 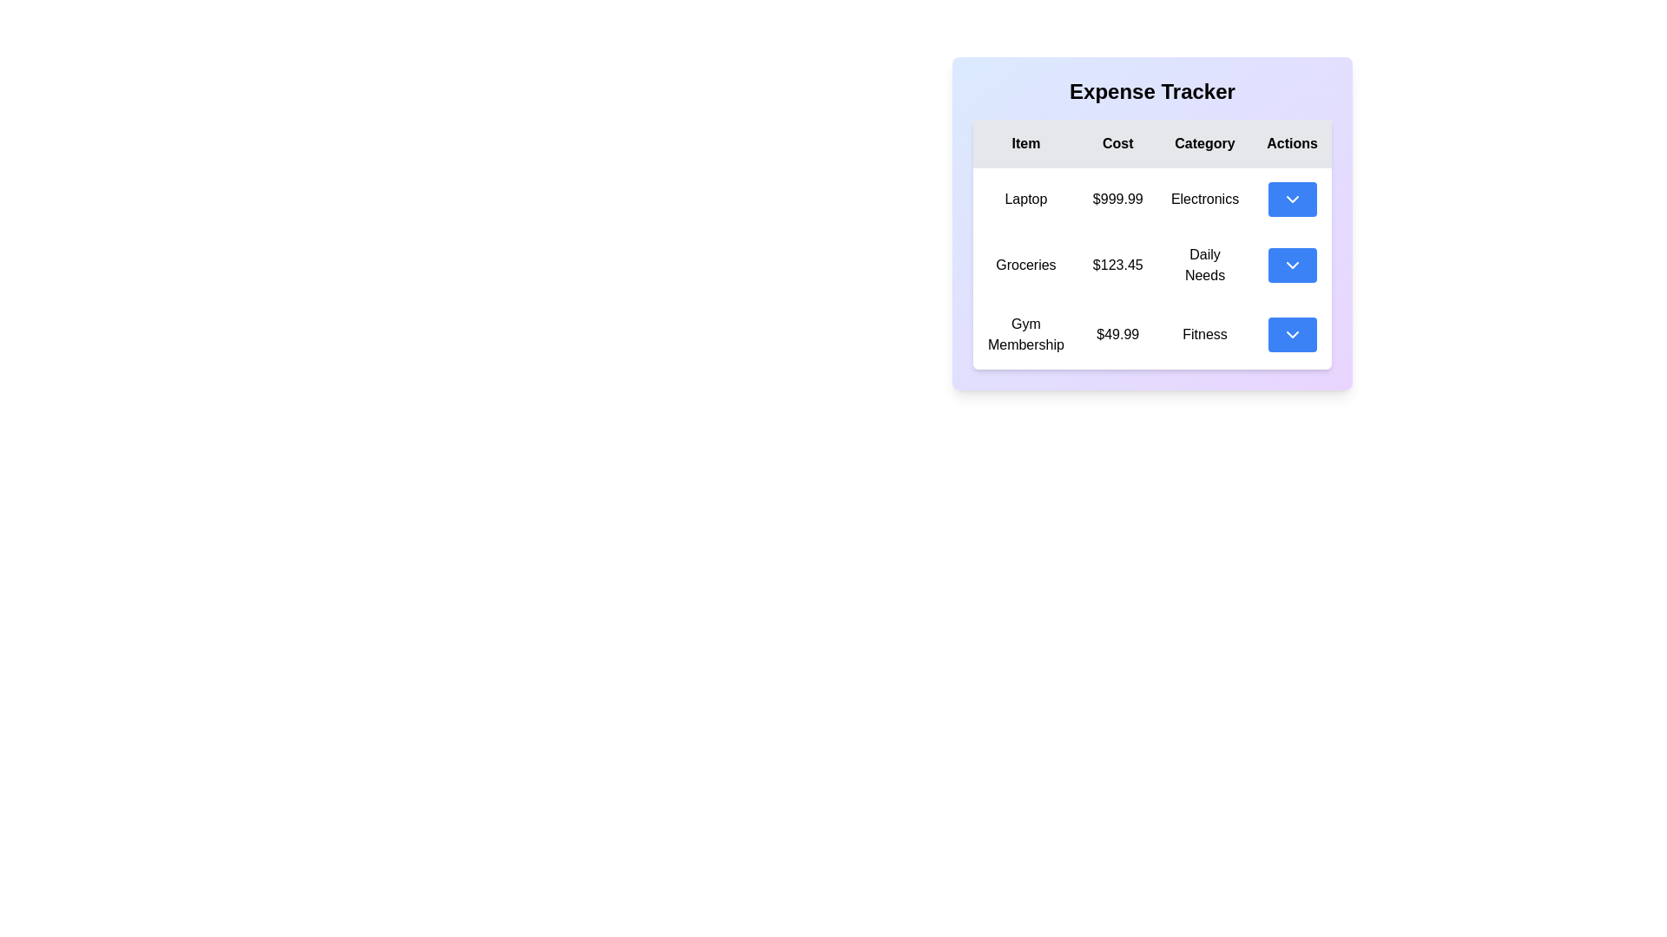 I want to click on the text label reading 'Gym Membership', which is the first text component in the third row of a grid-like table layout, so click(x=1025, y=334).